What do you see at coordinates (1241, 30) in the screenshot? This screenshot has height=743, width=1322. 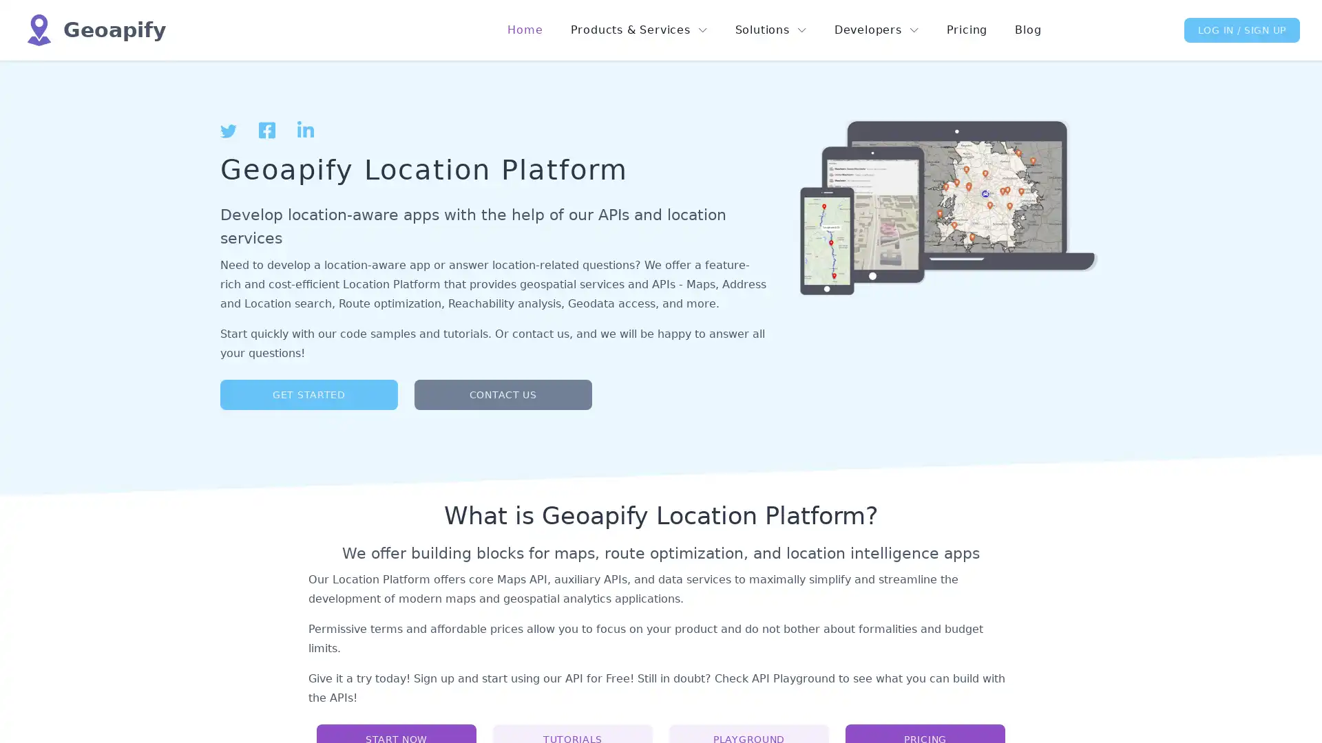 I see `LOG IN / SIGN UP` at bounding box center [1241, 30].